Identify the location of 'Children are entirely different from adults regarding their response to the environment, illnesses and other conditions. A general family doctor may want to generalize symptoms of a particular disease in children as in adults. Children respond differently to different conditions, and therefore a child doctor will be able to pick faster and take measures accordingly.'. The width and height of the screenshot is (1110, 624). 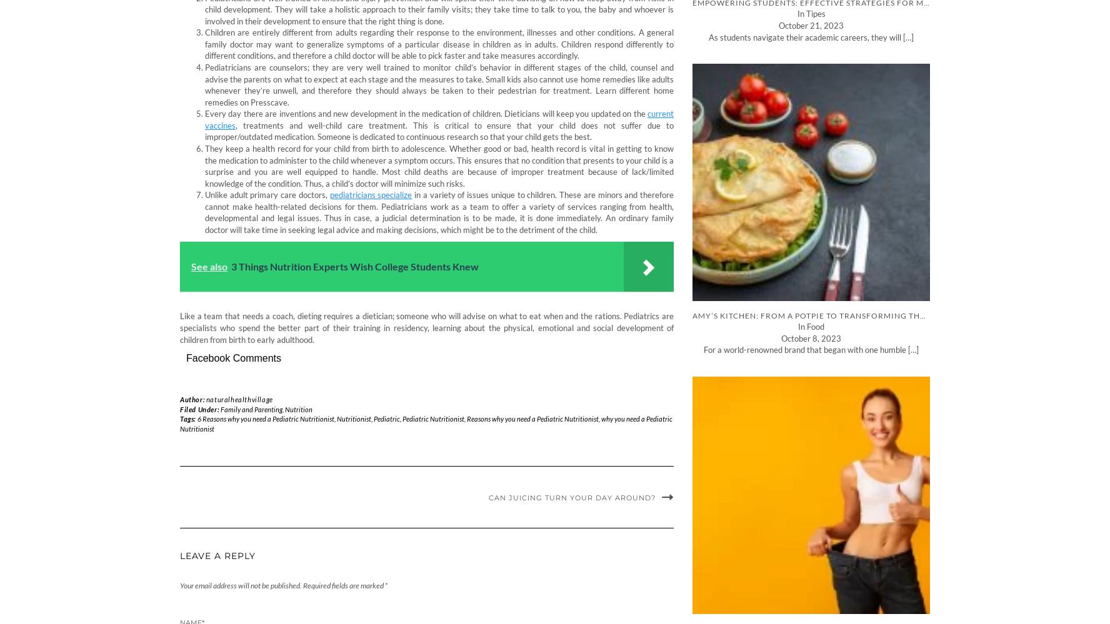
(439, 43).